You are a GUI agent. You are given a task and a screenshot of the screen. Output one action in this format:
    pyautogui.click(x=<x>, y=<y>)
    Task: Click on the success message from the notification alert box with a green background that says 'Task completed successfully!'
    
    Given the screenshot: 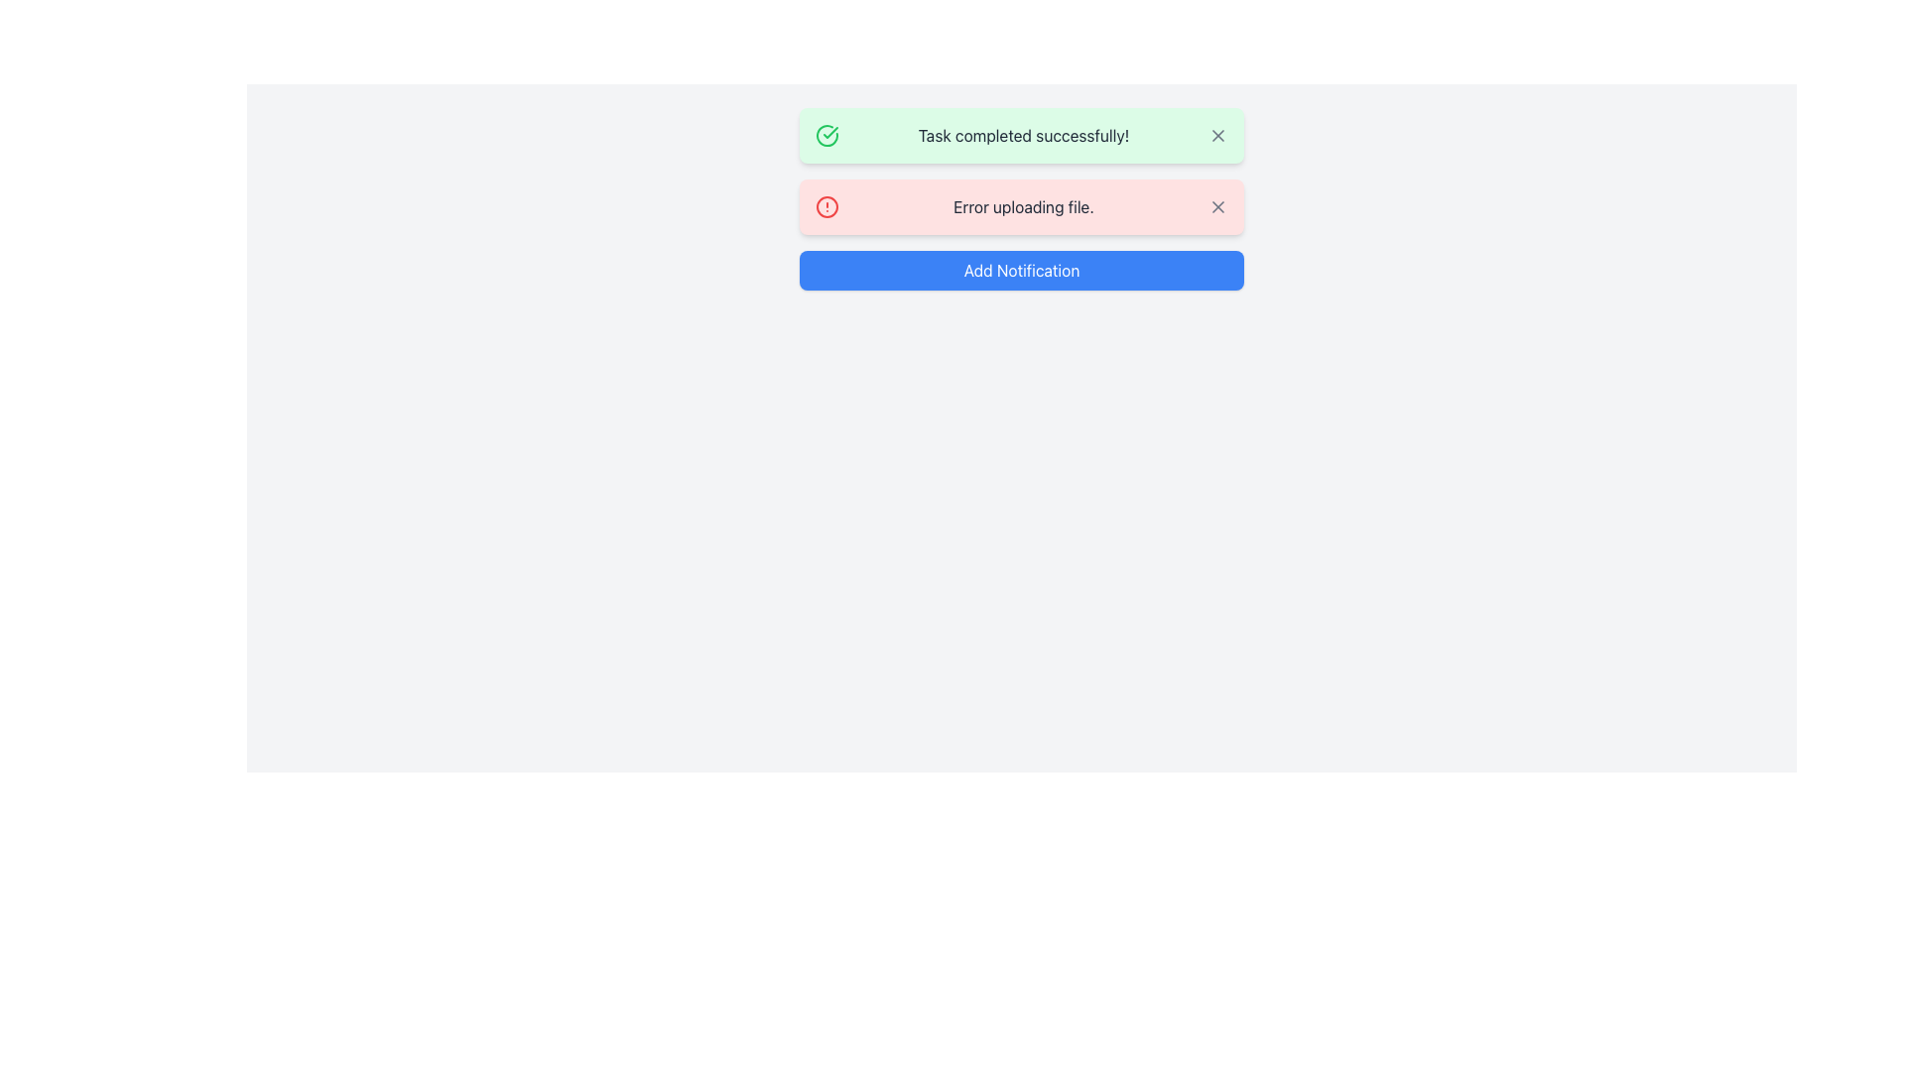 What is the action you would take?
    pyautogui.click(x=1022, y=135)
    